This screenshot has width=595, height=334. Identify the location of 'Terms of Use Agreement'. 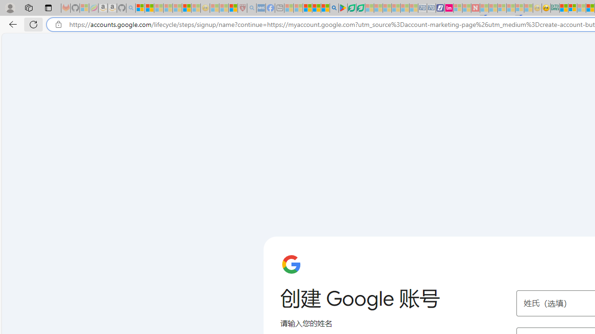
(351, 8).